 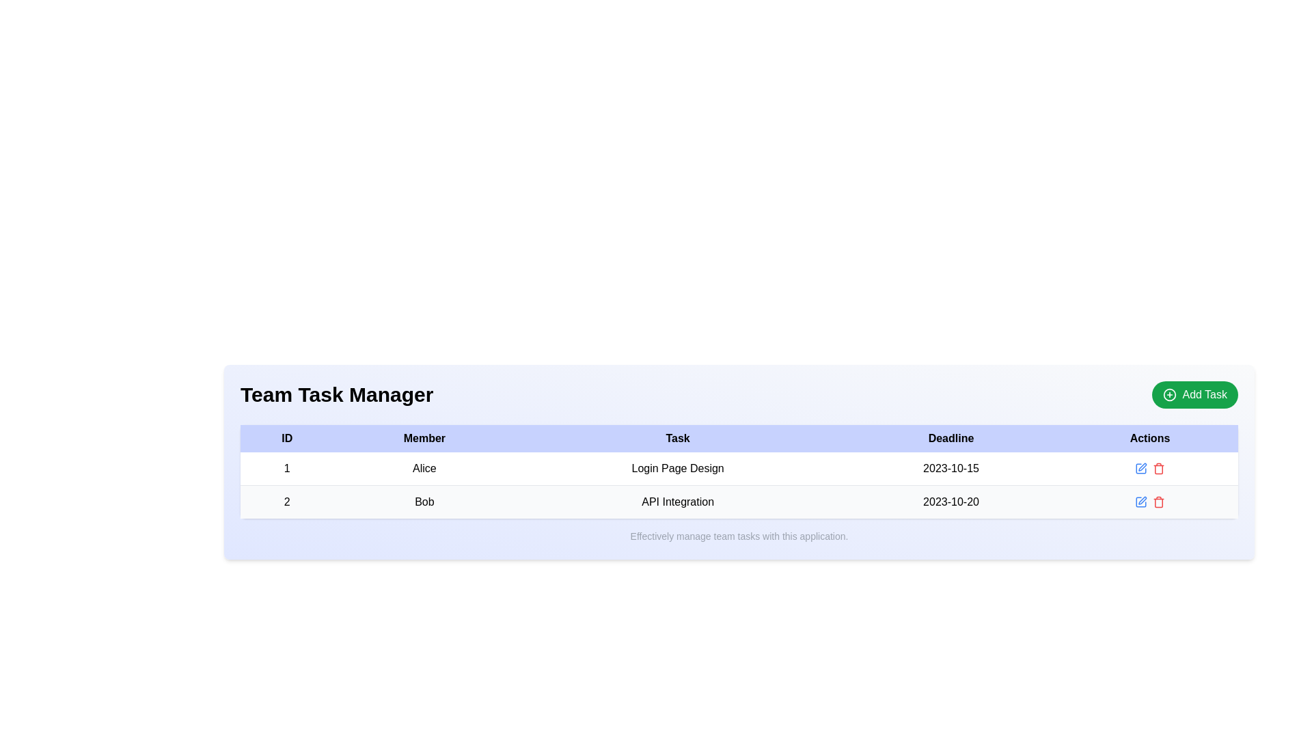 I want to click on the small red-colored trash icon in the 'Actions' column, so click(x=1158, y=502).